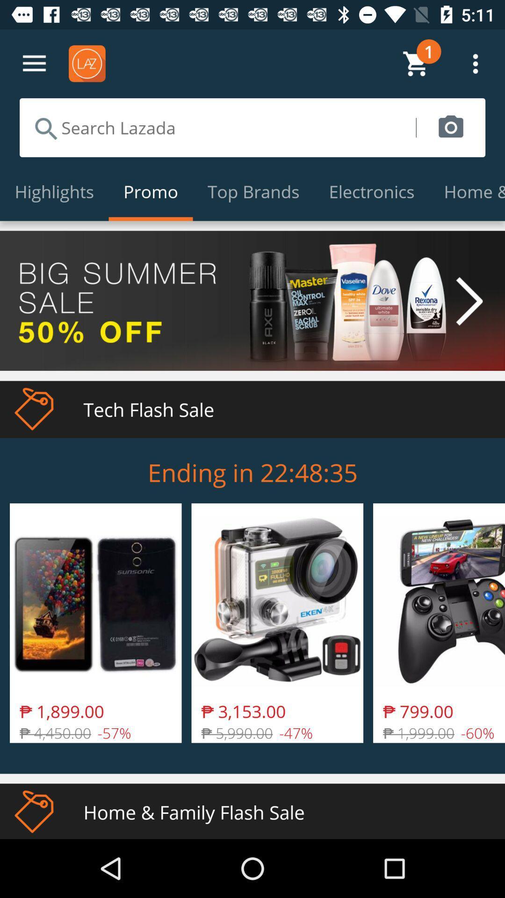 The height and width of the screenshot is (898, 505). What do you see at coordinates (34, 63) in the screenshot?
I see `go settings option` at bounding box center [34, 63].